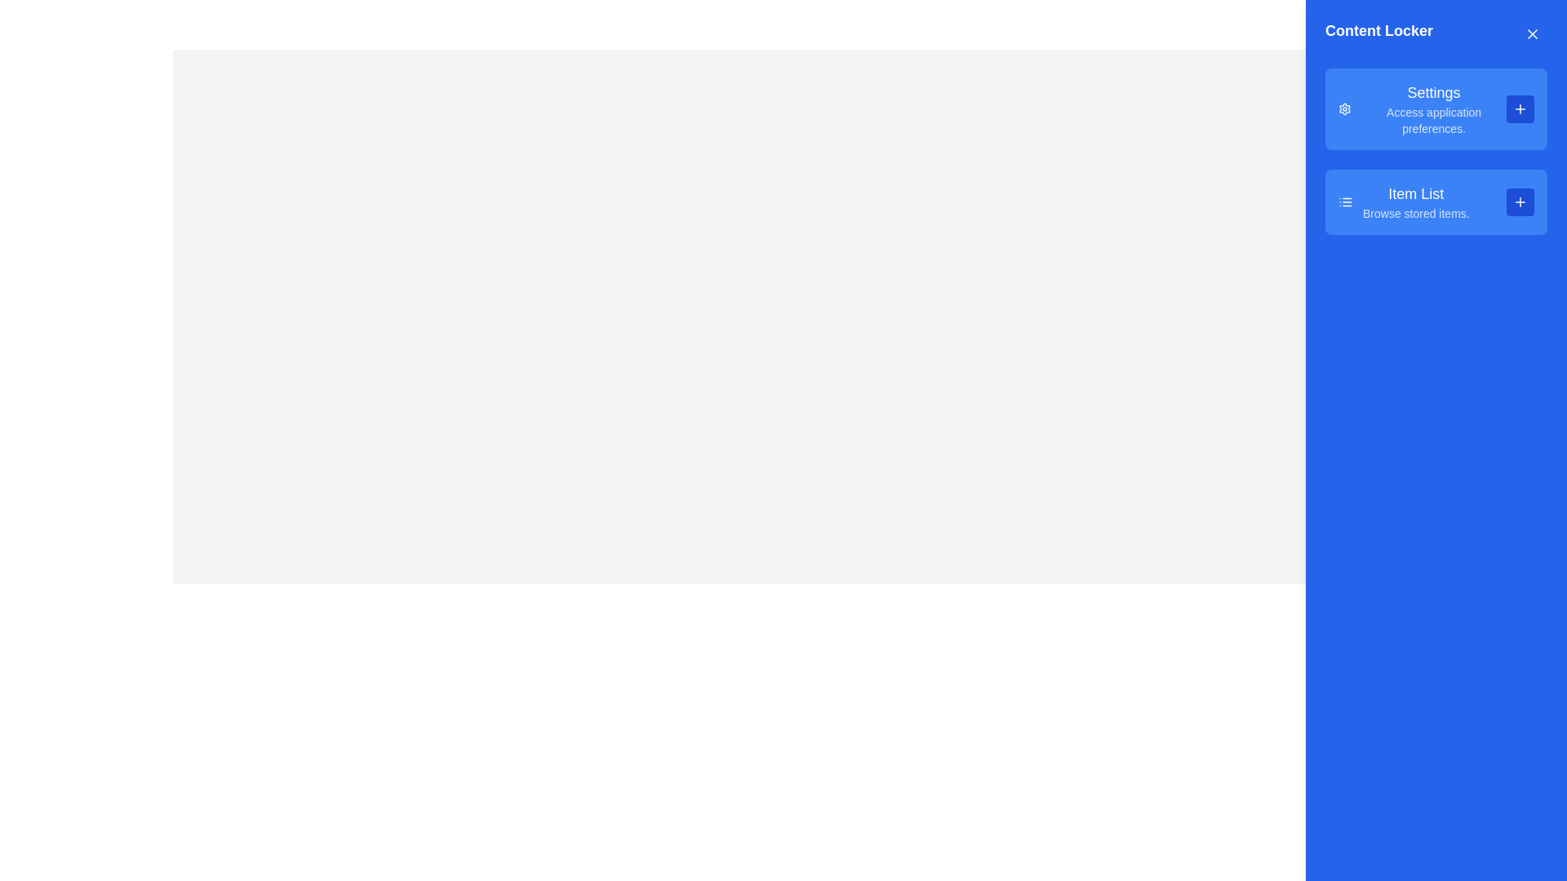 This screenshot has width=1567, height=881. Describe the element at coordinates (1433, 119) in the screenshot. I see `the descriptive text element providing guidance about accessing application settings, located directly below the 'Settings' title` at that location.